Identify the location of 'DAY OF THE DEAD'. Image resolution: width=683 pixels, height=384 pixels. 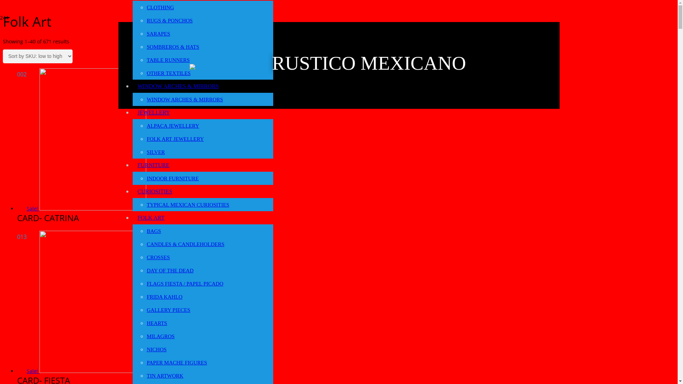
(170, 270).